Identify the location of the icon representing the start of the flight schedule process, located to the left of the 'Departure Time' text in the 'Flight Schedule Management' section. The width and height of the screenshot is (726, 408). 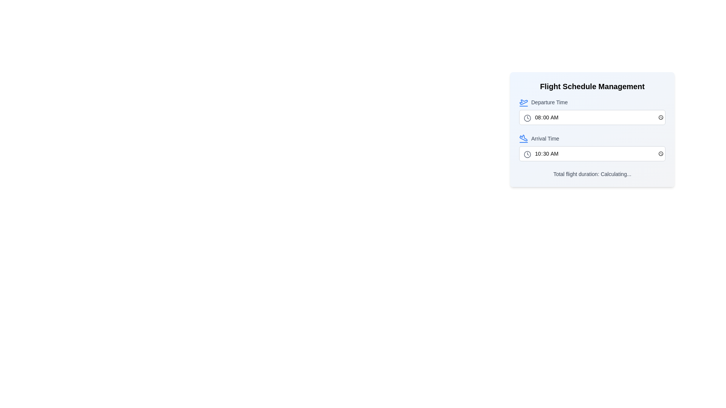
(523, 102).